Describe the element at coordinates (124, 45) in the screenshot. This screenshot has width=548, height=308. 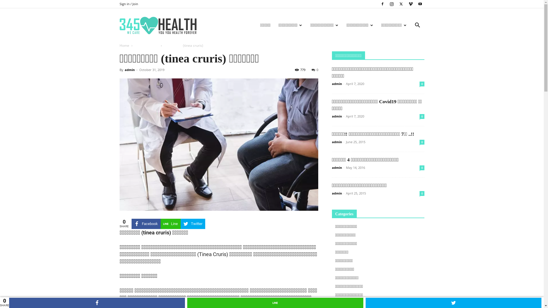
I see `'Home'` at that location.